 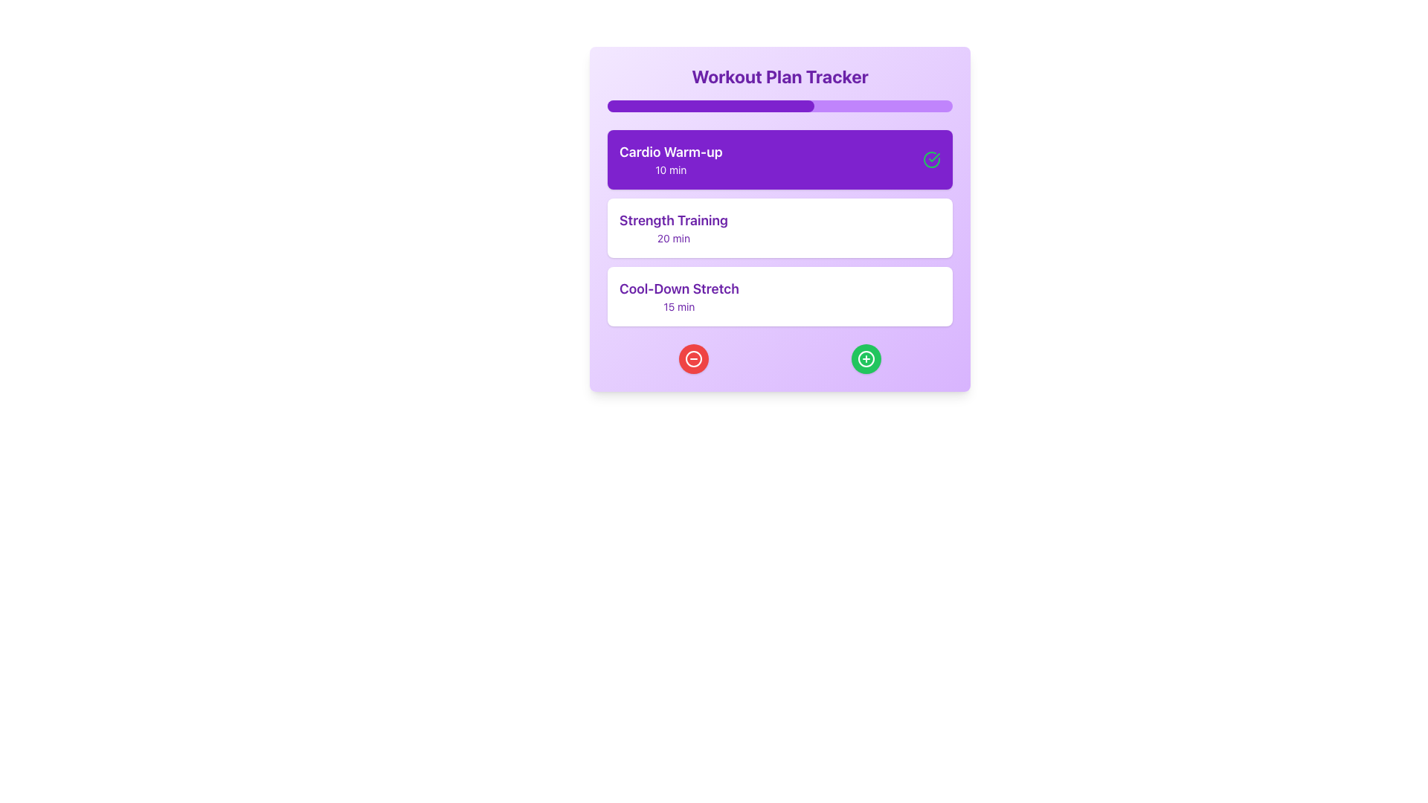 I want to click on the 'Cardio Warm-up' text label, which is styled in bold white font against a purple background, located at the top of the workout activities list, so click(x=670, y=152).